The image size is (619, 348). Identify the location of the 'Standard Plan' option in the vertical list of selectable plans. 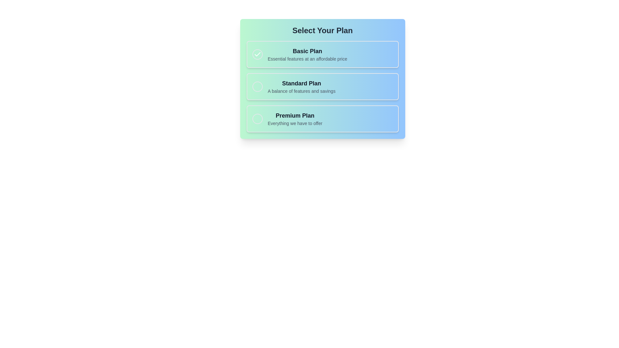
(301, 86).